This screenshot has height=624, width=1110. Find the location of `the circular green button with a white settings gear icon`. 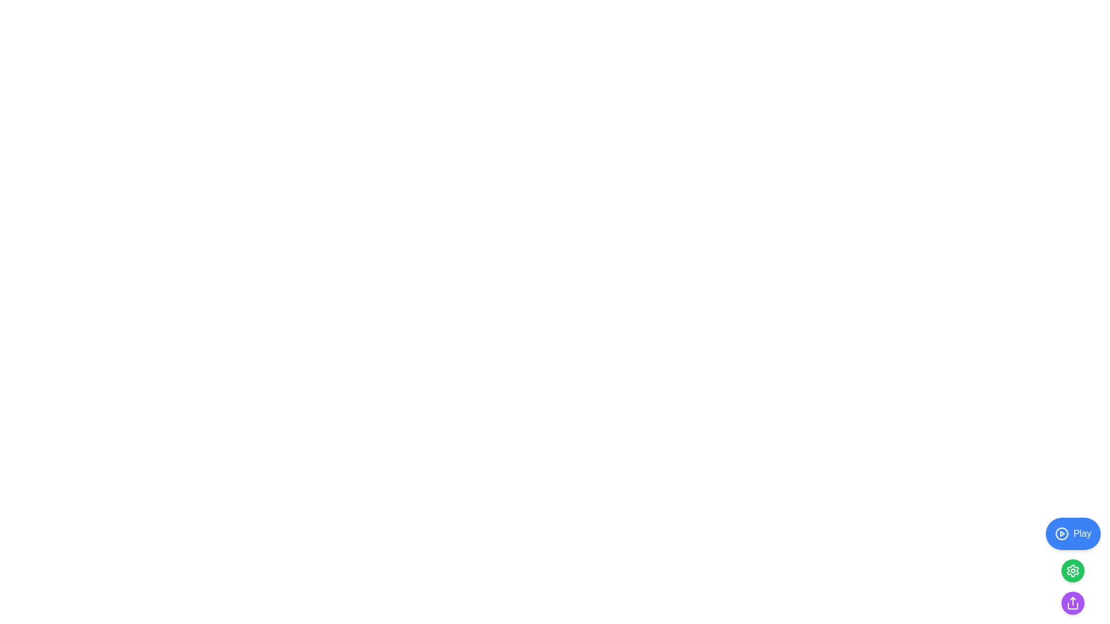

the circular green button with a white settings gear icon is located at coordinates (1072, 570).